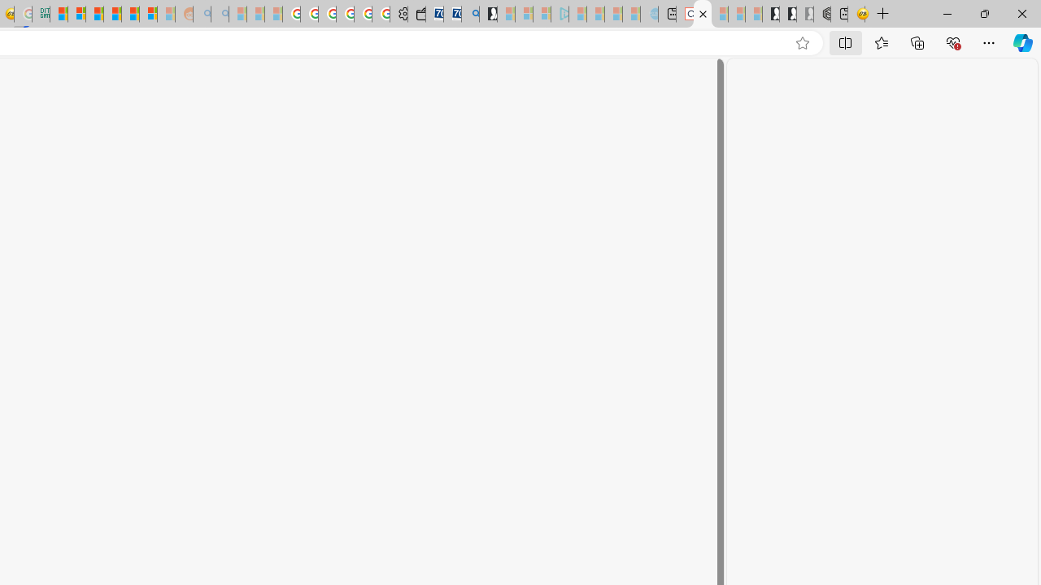 This screenshot has height=585, width=1041. Describe the element at coordinates (1022, 41) in the screenshot. I see `'Copilot (Ctrl+Shift+.)'` at that location.